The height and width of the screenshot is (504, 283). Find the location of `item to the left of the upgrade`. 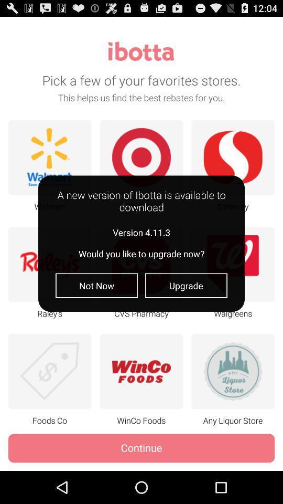

item to the left of the upgrade is located at coordinates (96, 286).